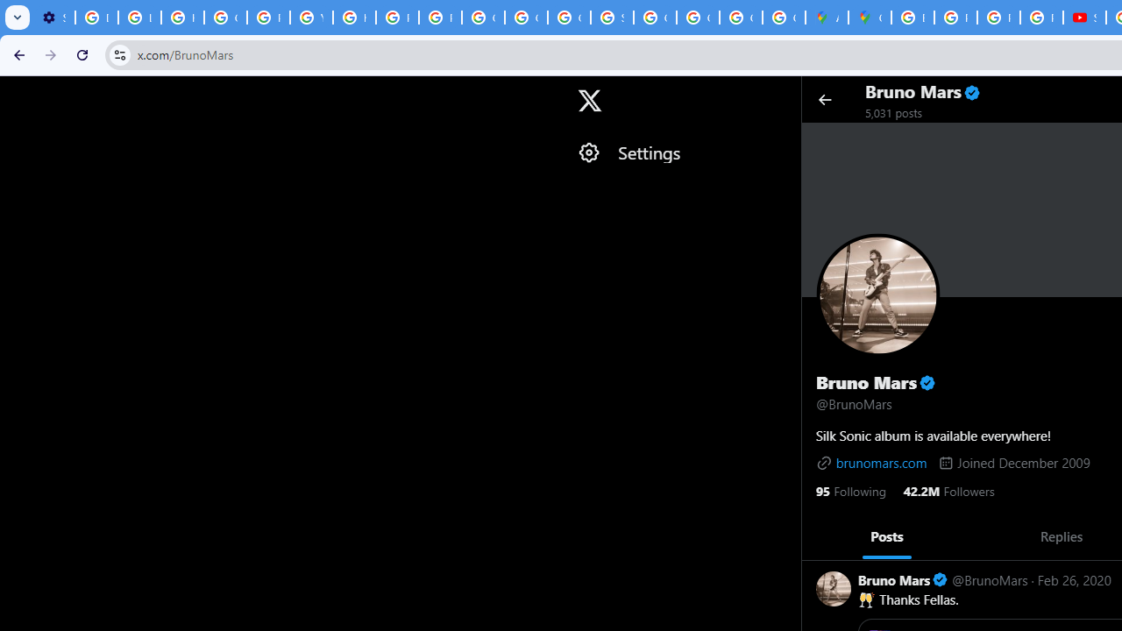 The height and width of the screenshot is (631, 1122). What do you see at coordinates (850, 490) in the screenshot?
I see `'95 Following'` at bounding box center [850, 490].